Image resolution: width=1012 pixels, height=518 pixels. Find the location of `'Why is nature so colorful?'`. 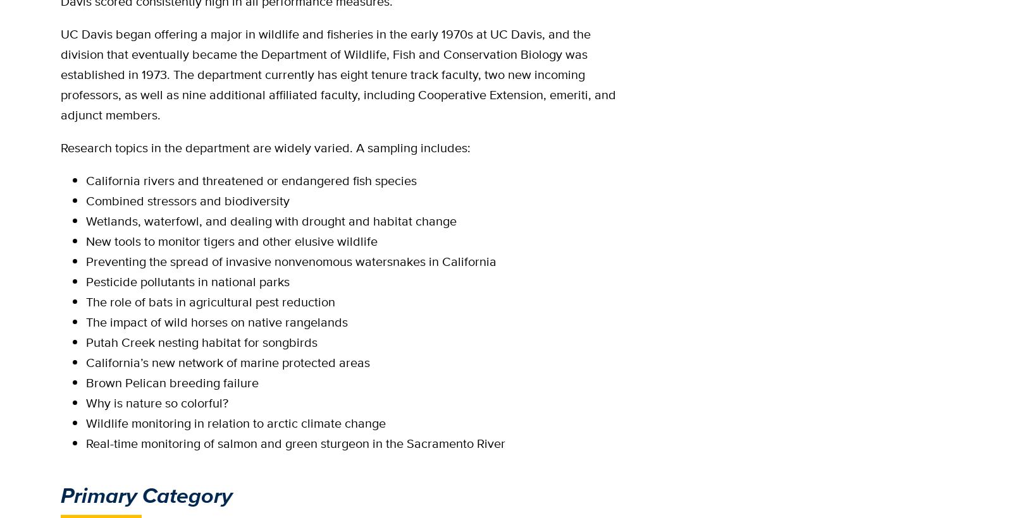

'Why is nature so colorful?' is located at coordinates (85, 402).